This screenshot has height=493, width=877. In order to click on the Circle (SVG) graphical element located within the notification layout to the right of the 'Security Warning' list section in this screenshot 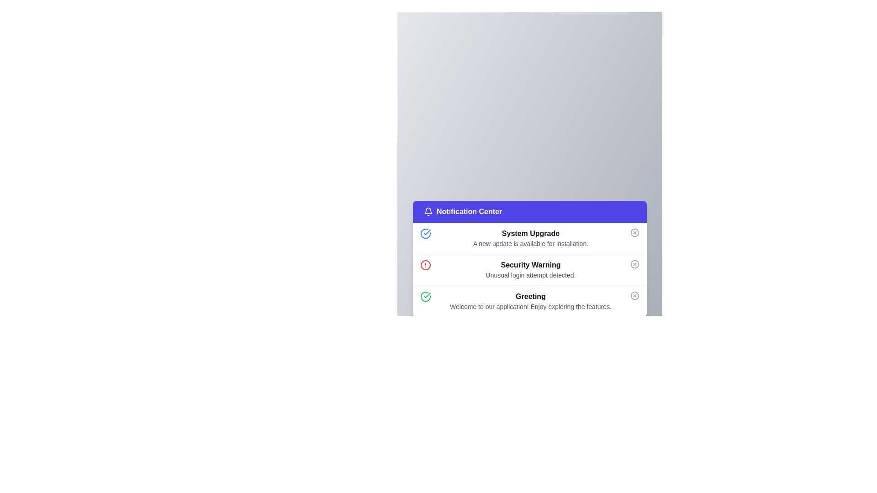, I will do `click(634, 264)`.